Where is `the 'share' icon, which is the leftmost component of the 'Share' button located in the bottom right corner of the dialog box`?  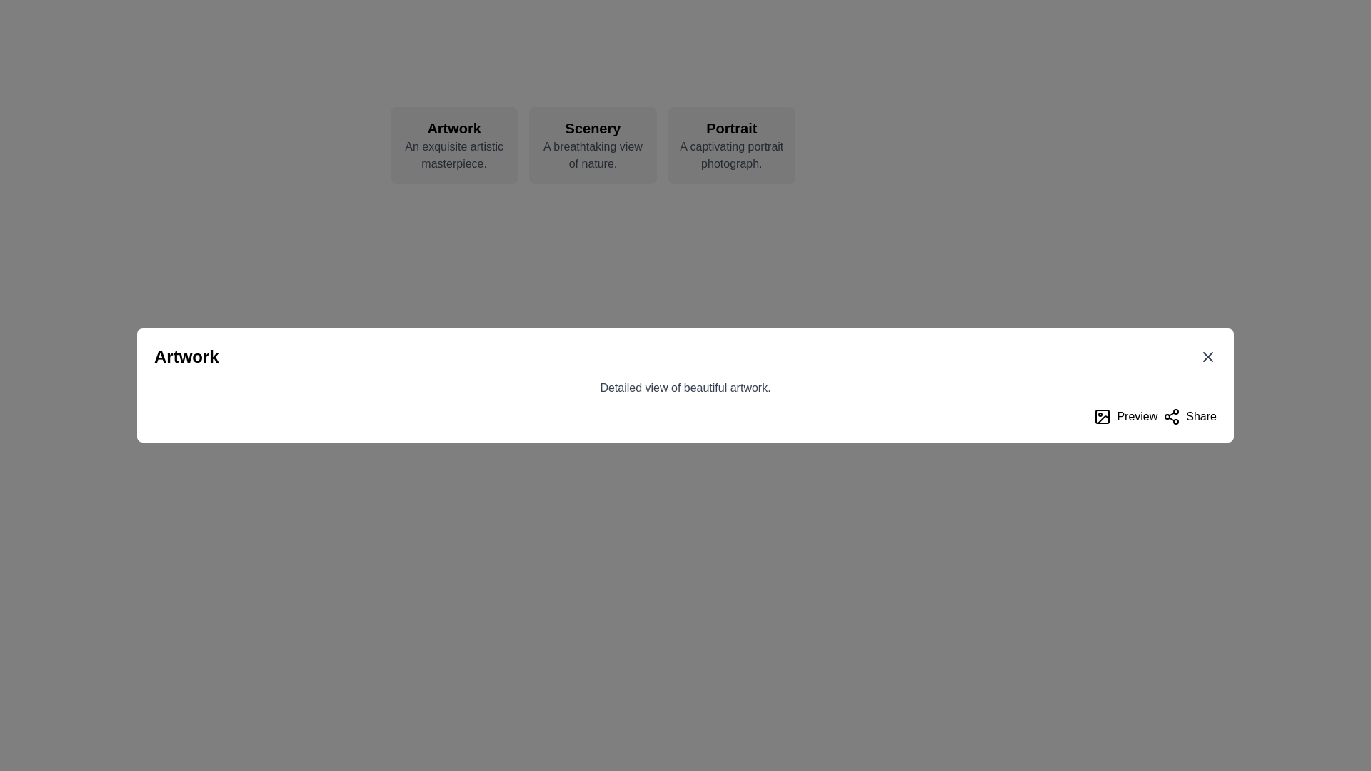
the 'share' icon, which is the leftmost component of the 'Share' button located in the bottom right corner of the dialog box is located at coordinates (1172, 416).